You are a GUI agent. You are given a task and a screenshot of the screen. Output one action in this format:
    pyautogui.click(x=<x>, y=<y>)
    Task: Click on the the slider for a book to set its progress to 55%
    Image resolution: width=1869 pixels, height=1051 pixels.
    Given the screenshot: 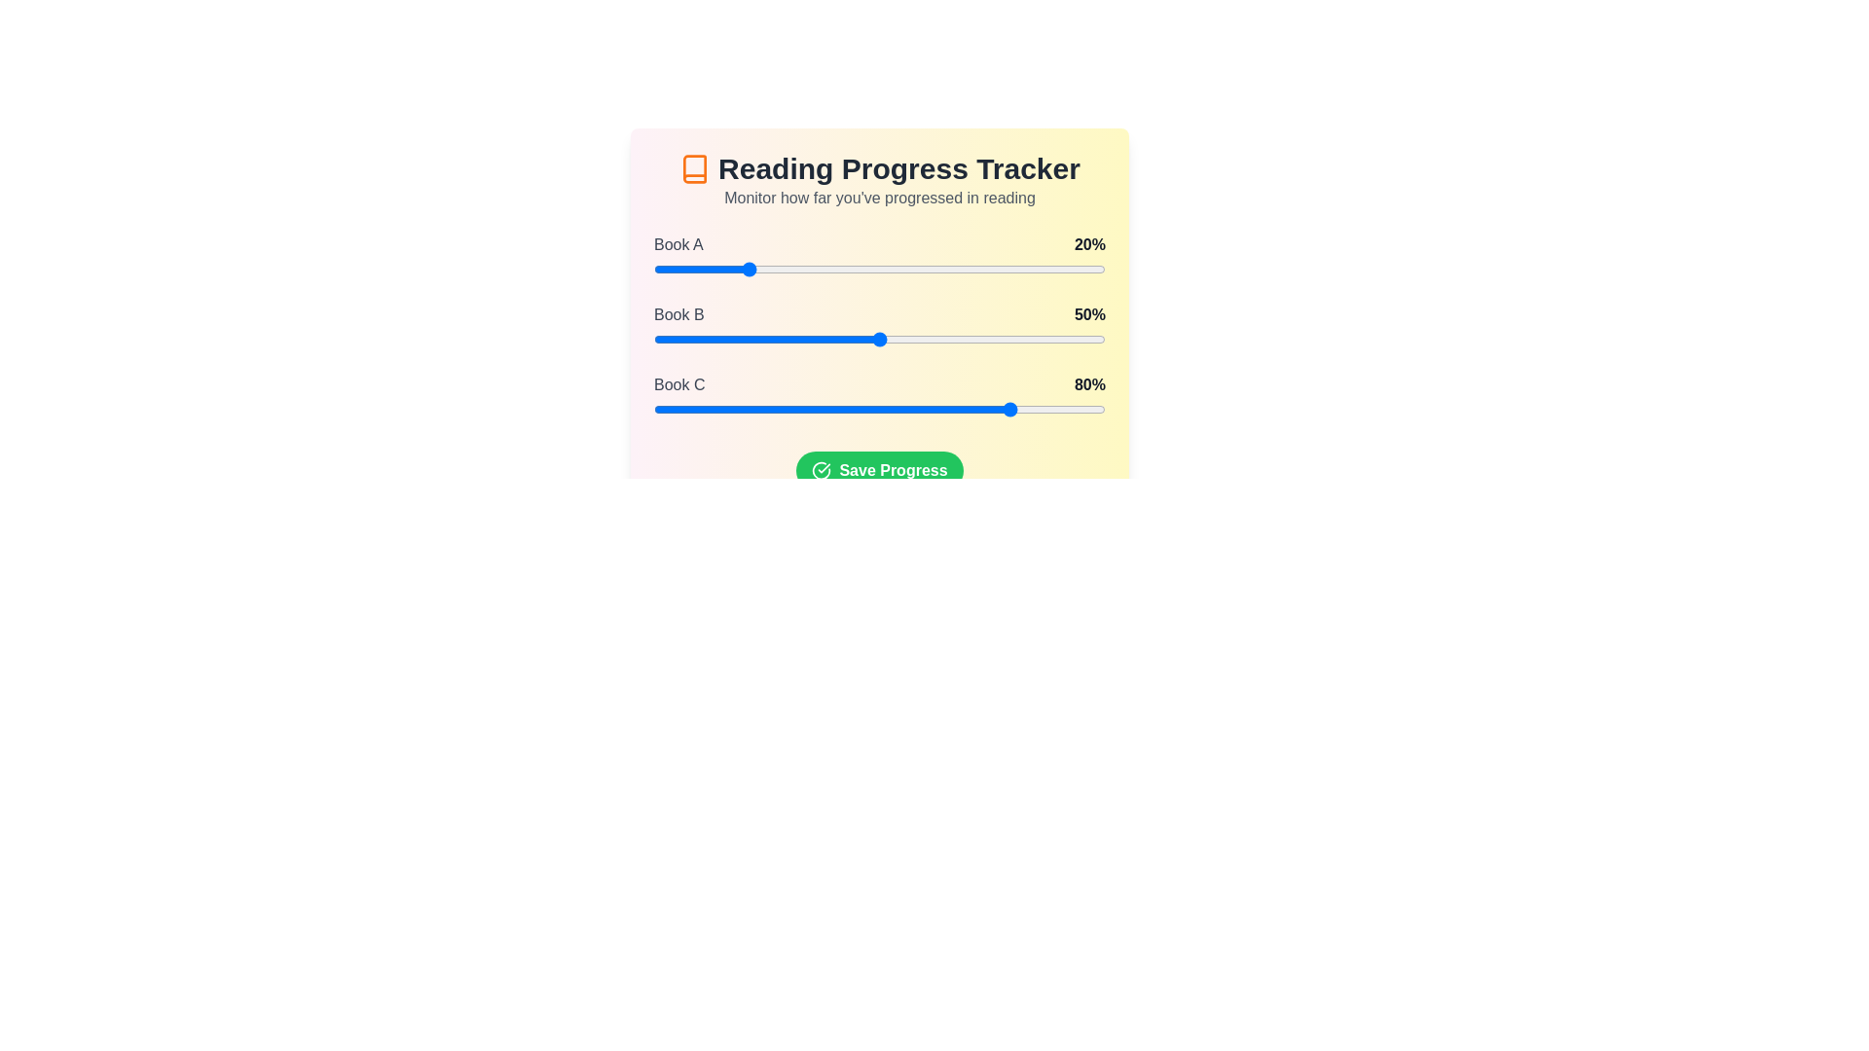 What is the action you would take?
    pyautogui.click(x=901, y=270)
    